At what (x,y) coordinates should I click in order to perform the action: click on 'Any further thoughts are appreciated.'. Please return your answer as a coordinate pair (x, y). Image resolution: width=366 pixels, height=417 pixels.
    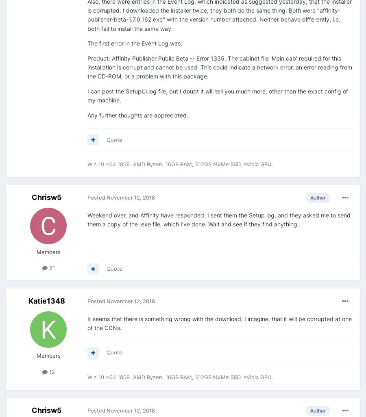
    Looking at the image, I should click on (138, 114).